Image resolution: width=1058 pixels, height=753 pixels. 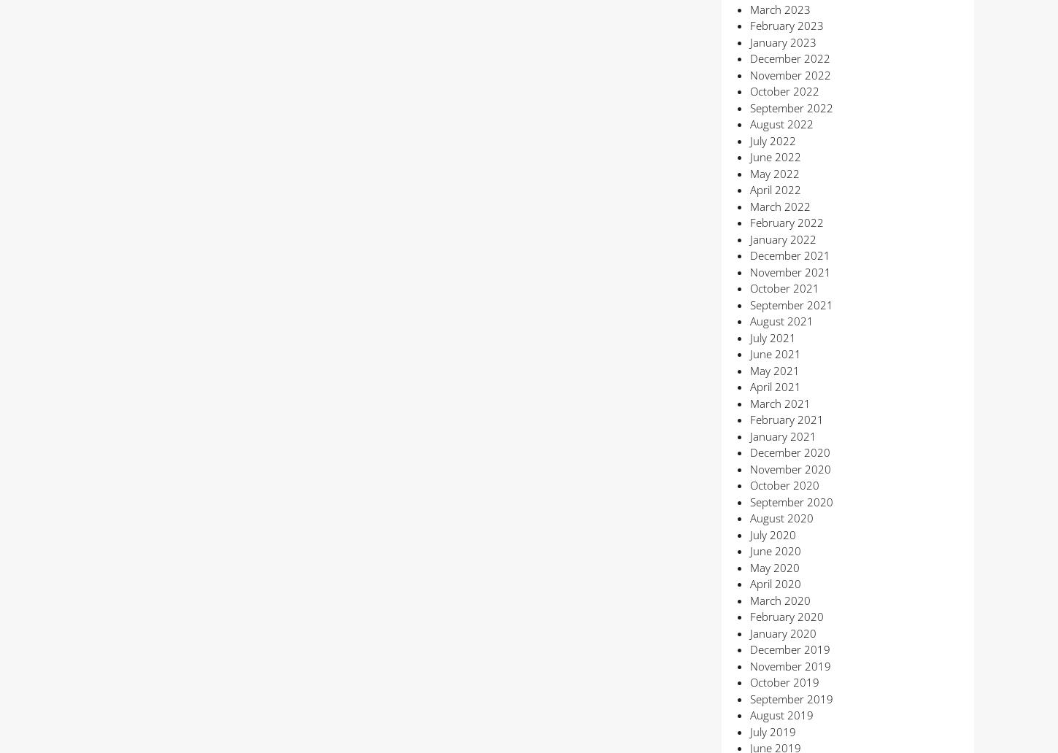 What do you see at coordinates (774, 353) in the screenshot?
I see `'June 2021'` at bounding box center [774, 353].